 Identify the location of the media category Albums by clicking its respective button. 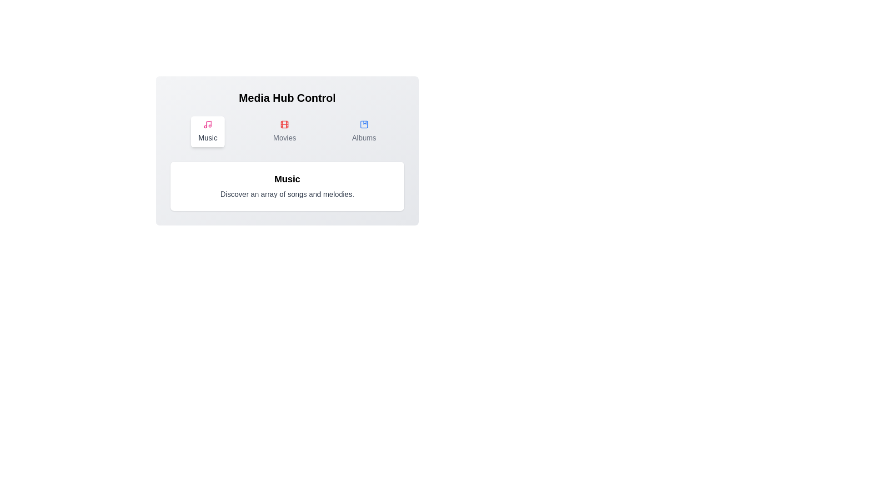
(364, 131).